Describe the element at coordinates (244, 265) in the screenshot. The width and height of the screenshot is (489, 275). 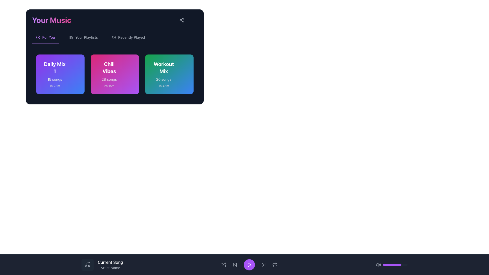
I see `the Information display block that shows the title and artist of the currently playing song, located at the bottom left of the player bar` at that location.